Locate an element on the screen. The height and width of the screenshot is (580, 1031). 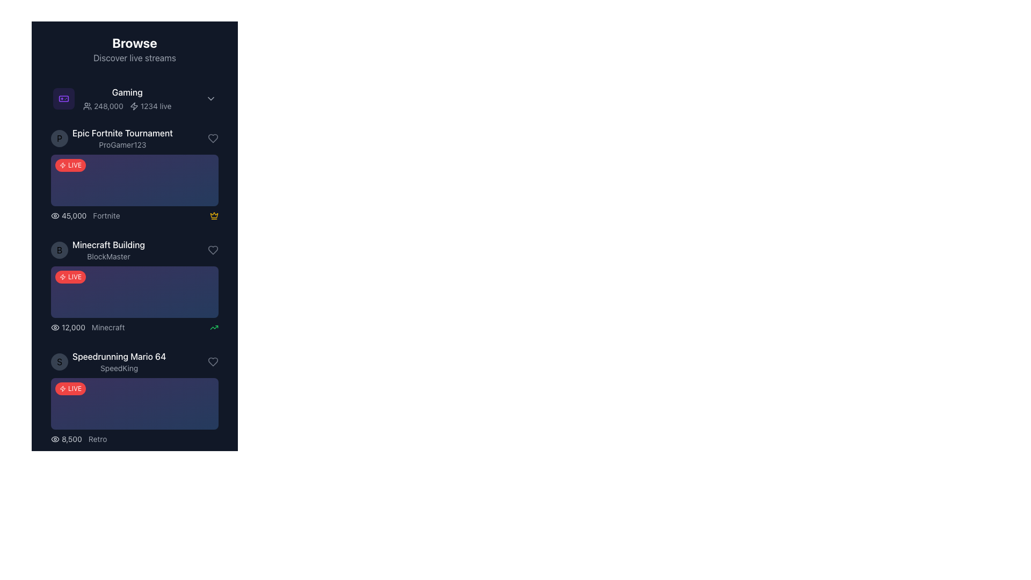
the non-interactive text label 'BlockMaster' that provides additional information about 'Minecraft Building.' is located at coordinates (108, 257).